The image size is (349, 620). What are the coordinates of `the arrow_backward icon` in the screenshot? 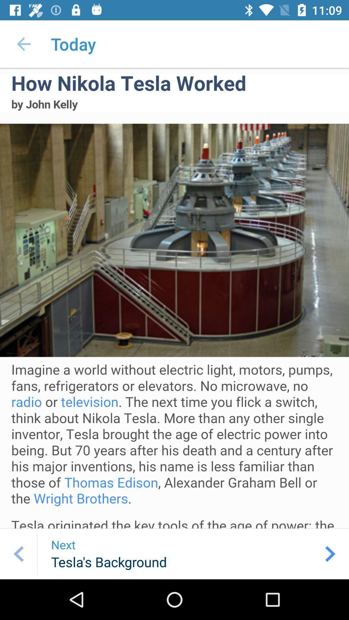 It's located at (18, 553).